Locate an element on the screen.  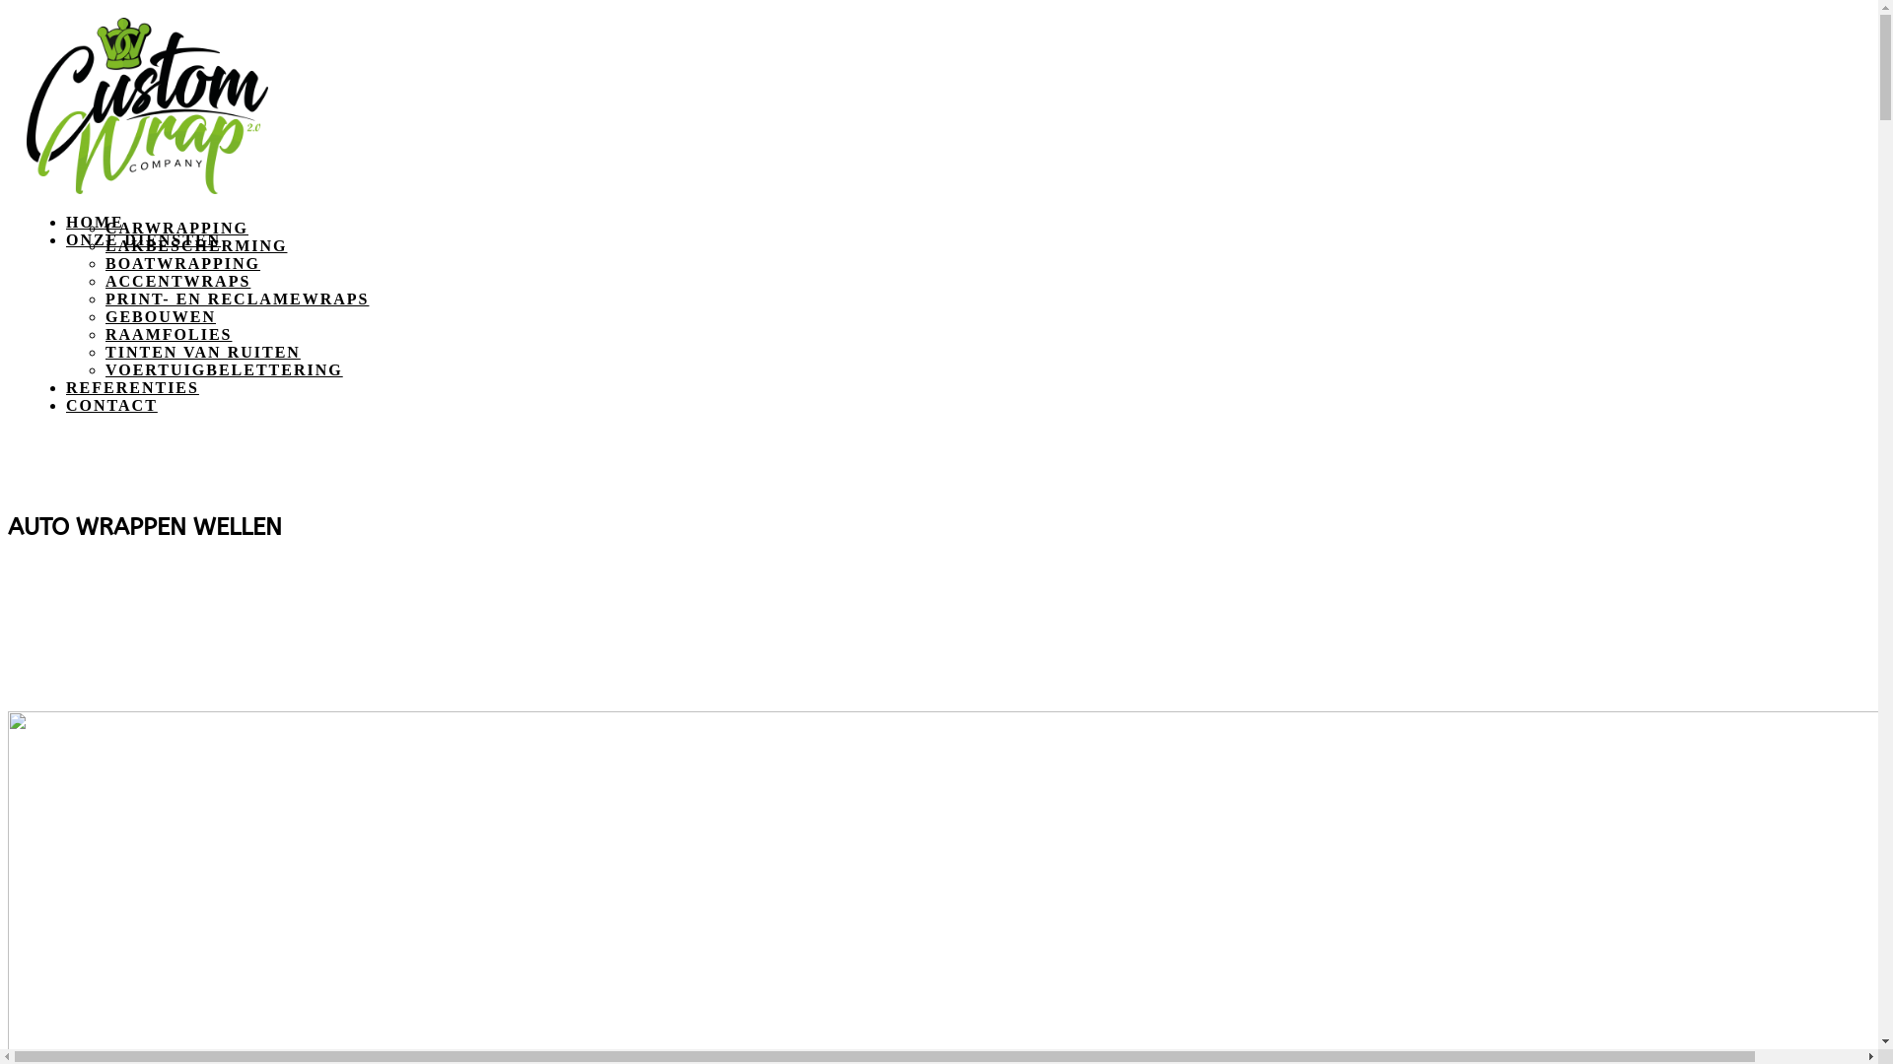
'GEBOUWEN' is located at coordinates (161, 315).